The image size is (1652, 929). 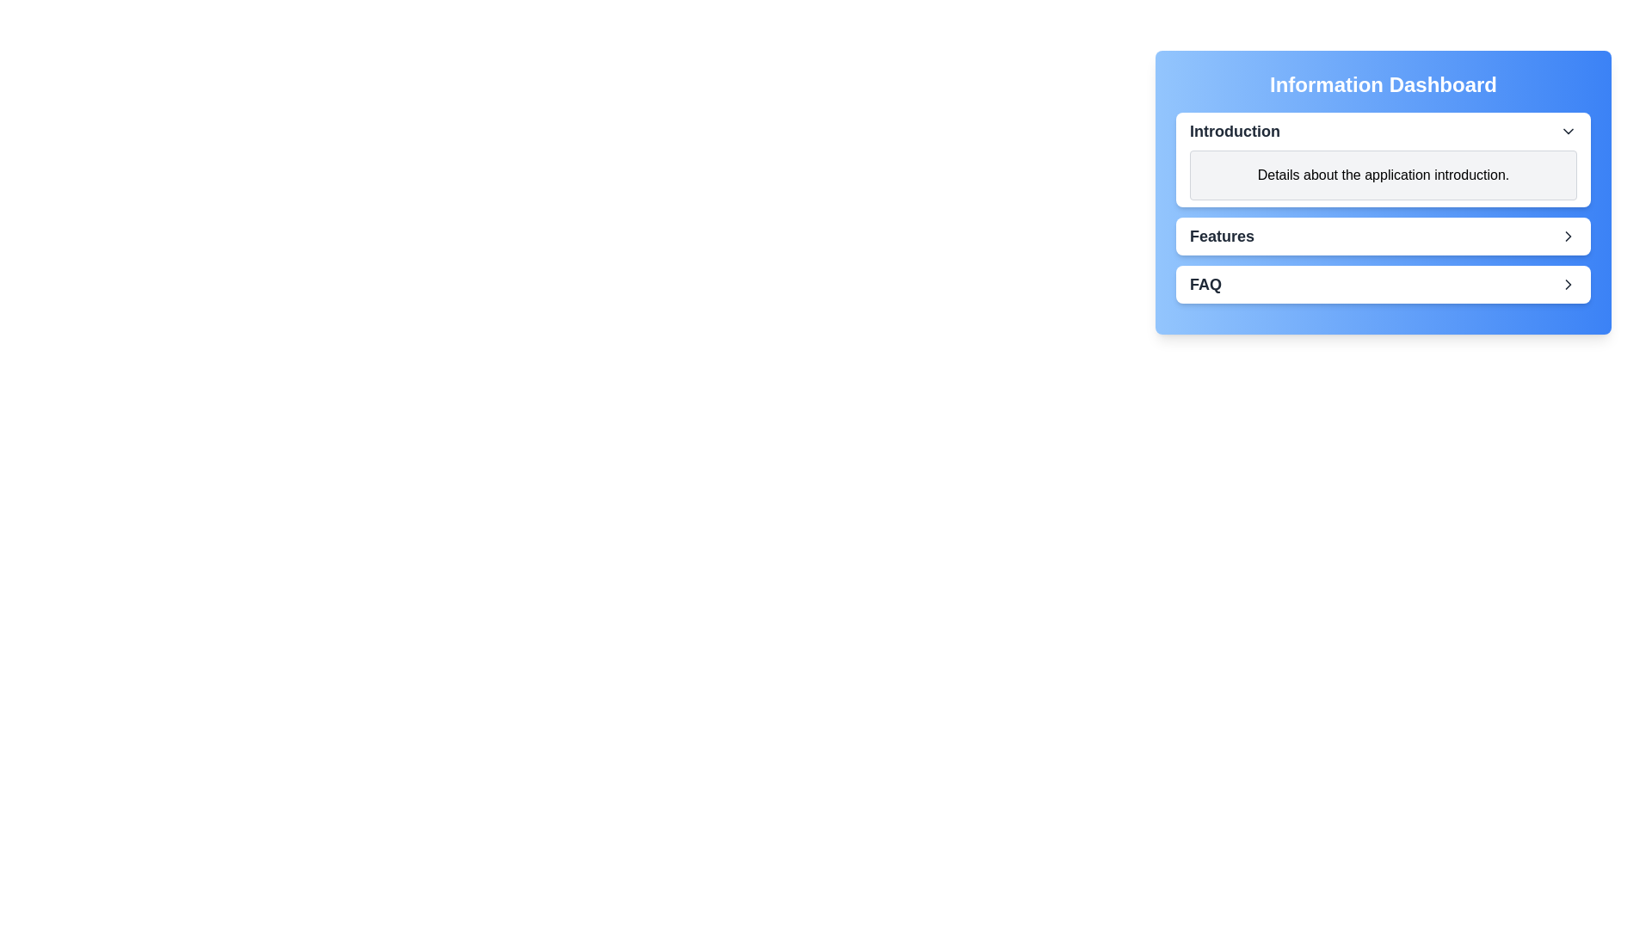 I want to click on the rightward-pointing chevron icon in the 'Features' menu, so click(x=1569, y=236).